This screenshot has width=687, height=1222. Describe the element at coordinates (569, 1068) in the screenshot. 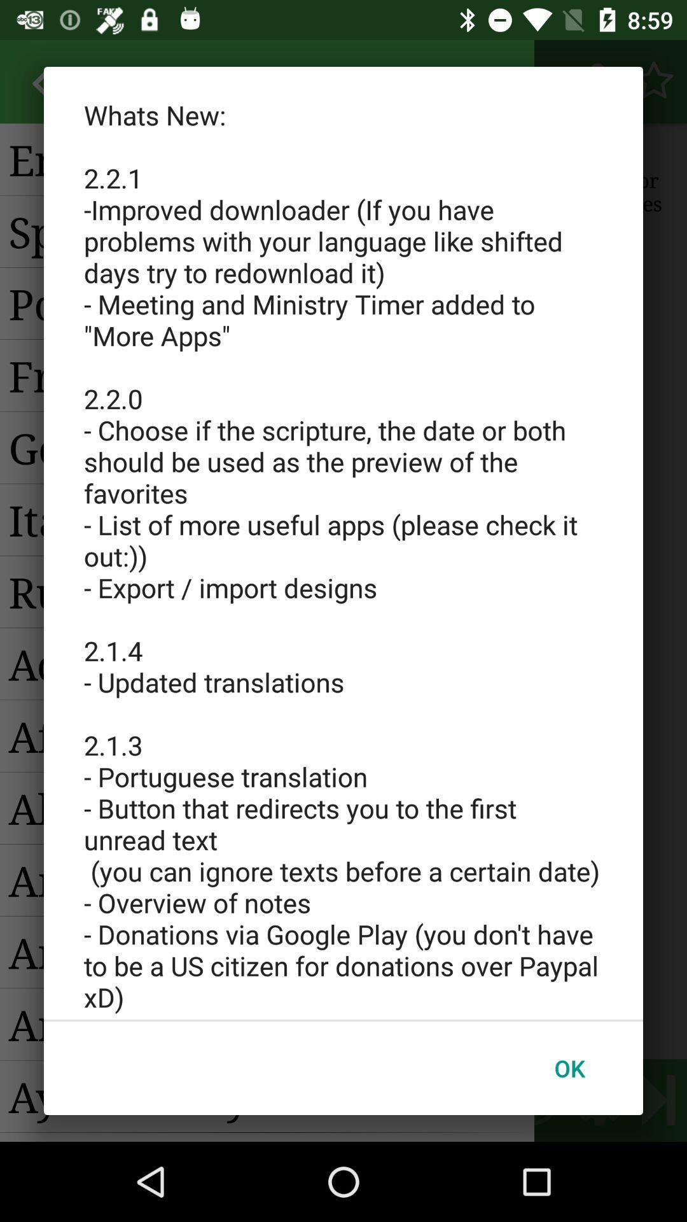

I see `the app below whats new 2 item` at that location.